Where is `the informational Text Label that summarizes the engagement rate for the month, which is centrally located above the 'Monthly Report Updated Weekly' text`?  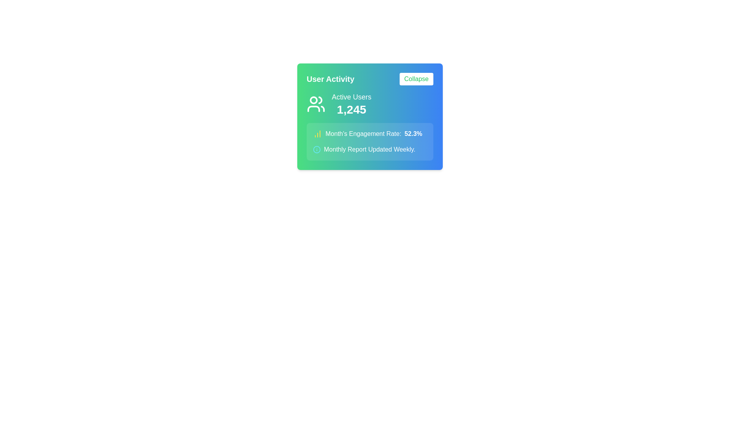 the informational Text Label that summarizes the engagement rate for the month, which is centrally located above the 'Monthly Report Updated Weekly' text is located at coordinates (369, 134).